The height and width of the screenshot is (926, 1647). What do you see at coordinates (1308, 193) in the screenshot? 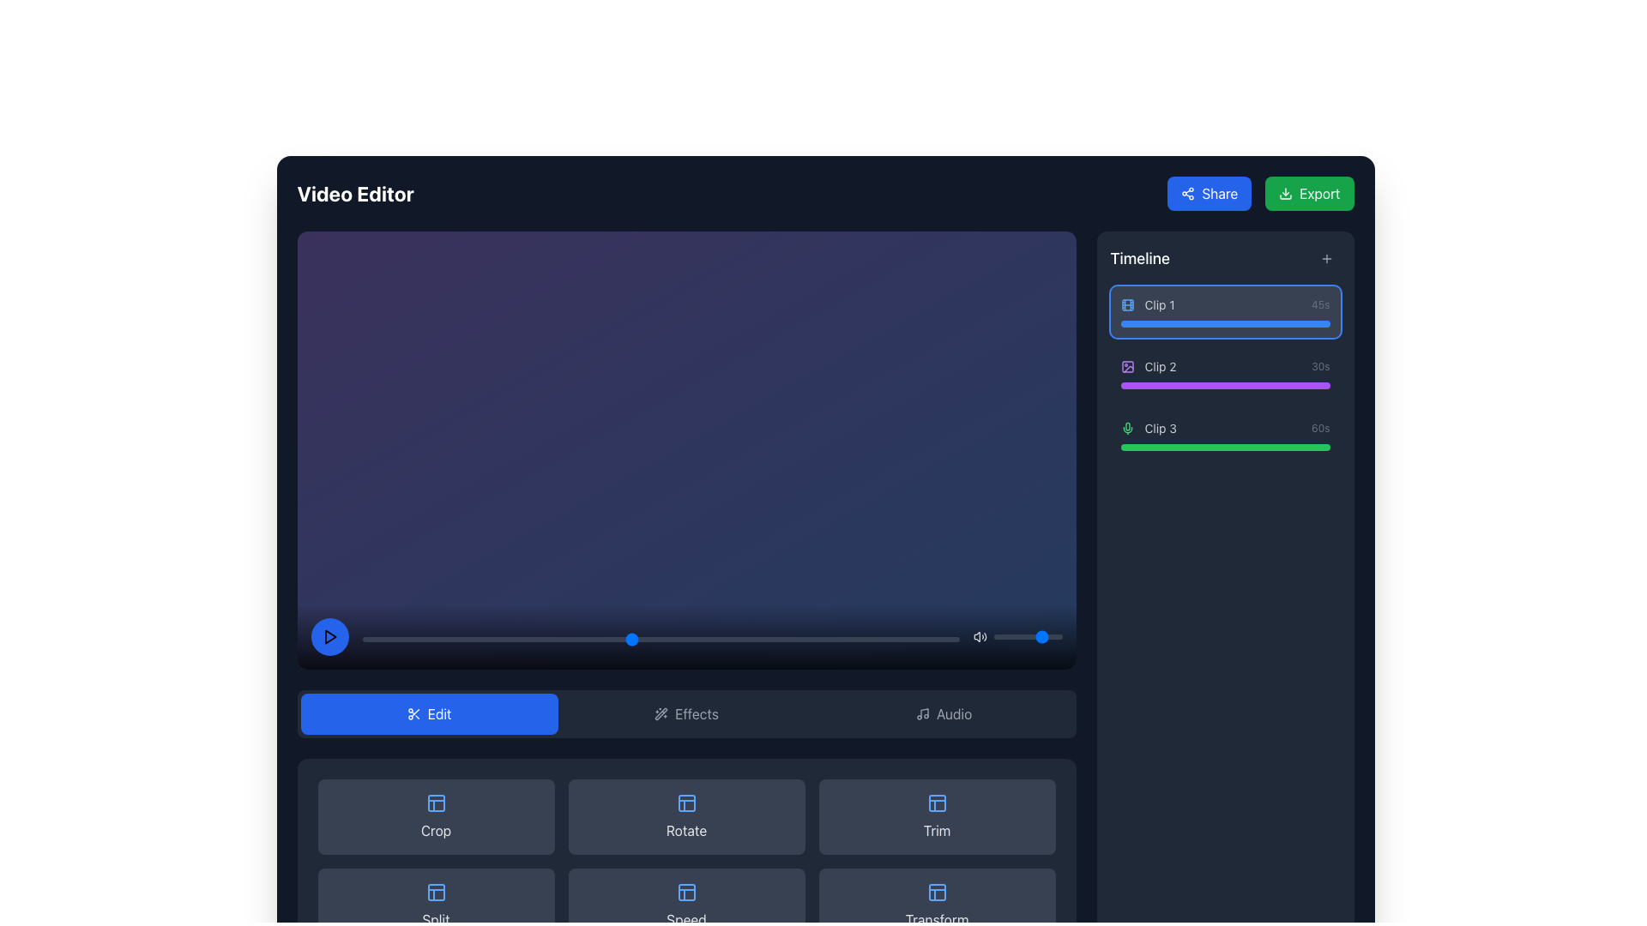
I see `the export button located in the top-right corner of the application interface, next to the blue 'Share' button` at bounding box center [1308, 193].